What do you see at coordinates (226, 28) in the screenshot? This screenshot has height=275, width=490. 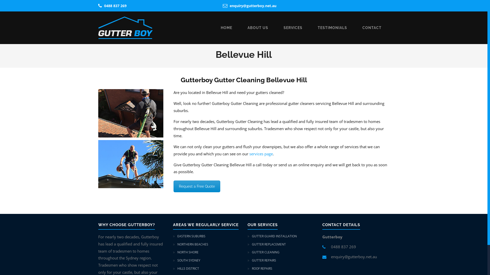 I see `'HOME'` at bounding box center [226, 28].